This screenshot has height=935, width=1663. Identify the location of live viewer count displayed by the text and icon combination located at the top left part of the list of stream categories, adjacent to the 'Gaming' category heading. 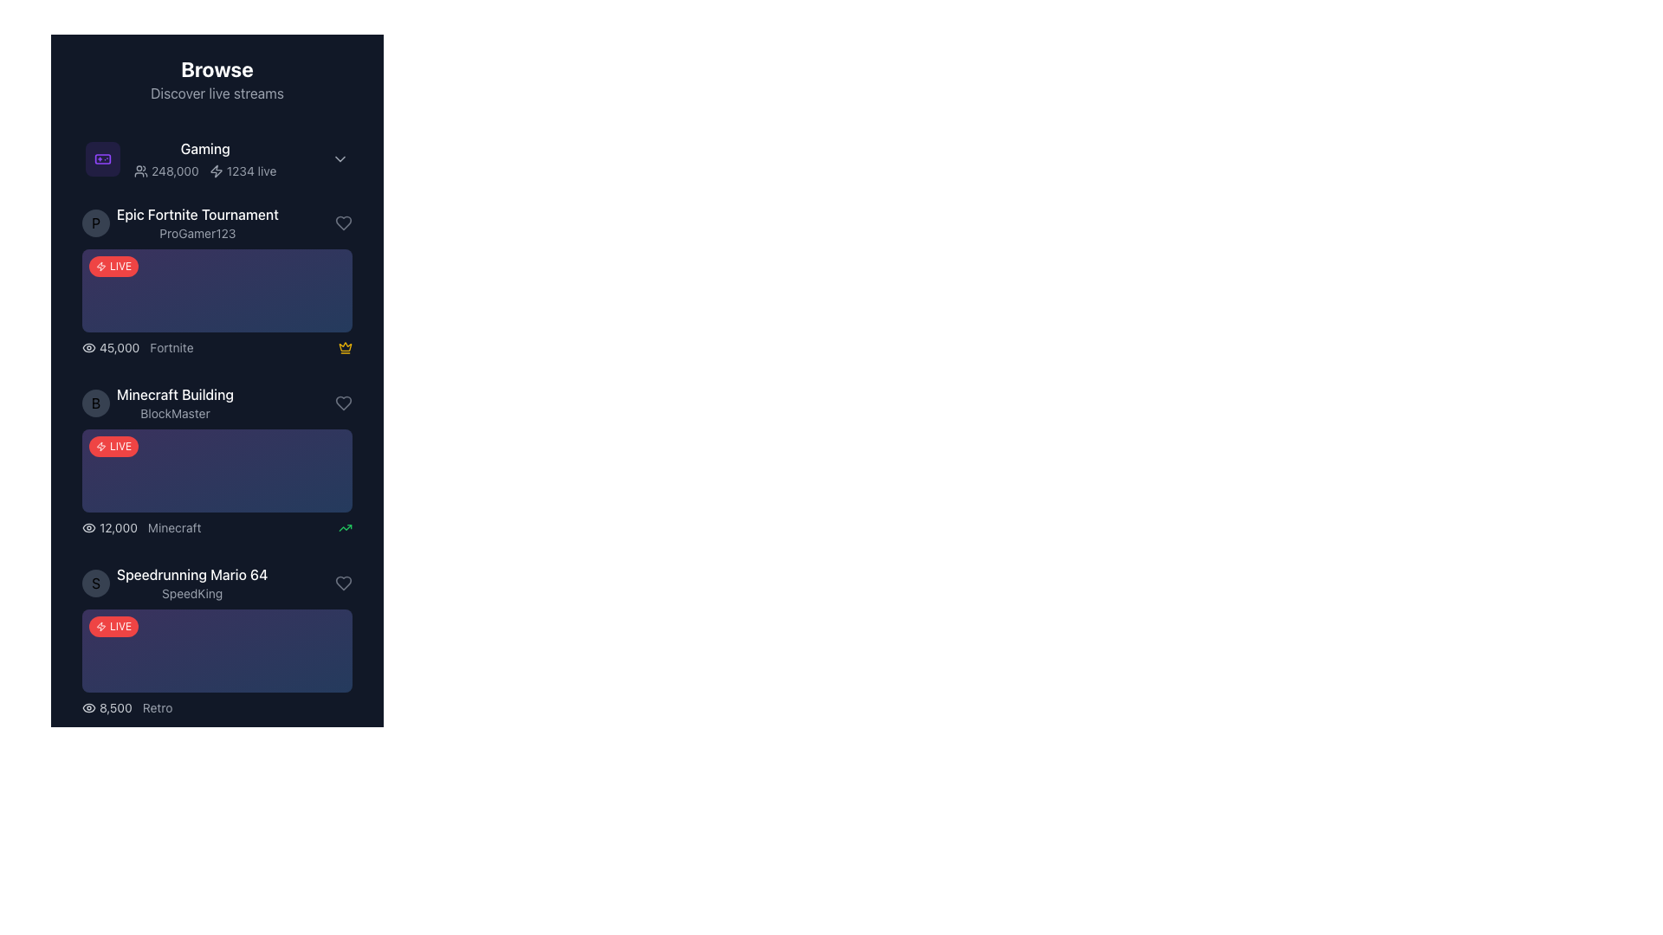
(242, 171).